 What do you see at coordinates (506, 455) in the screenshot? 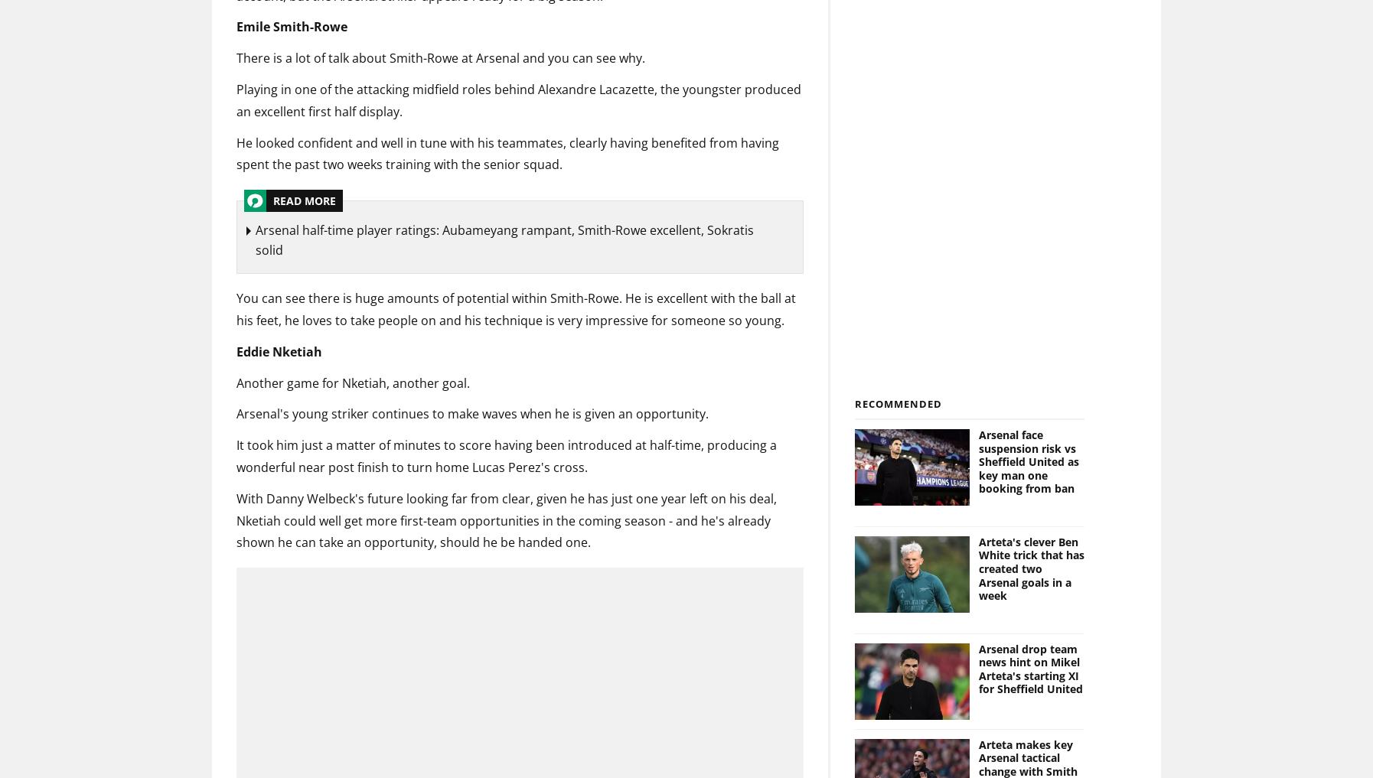
I see `'It took him just a matter of minutes to score having been introduced at half-time, producing a wonderful near post finish to turn home Lucas Perez's cross.'` at bounding box center [506, 455].